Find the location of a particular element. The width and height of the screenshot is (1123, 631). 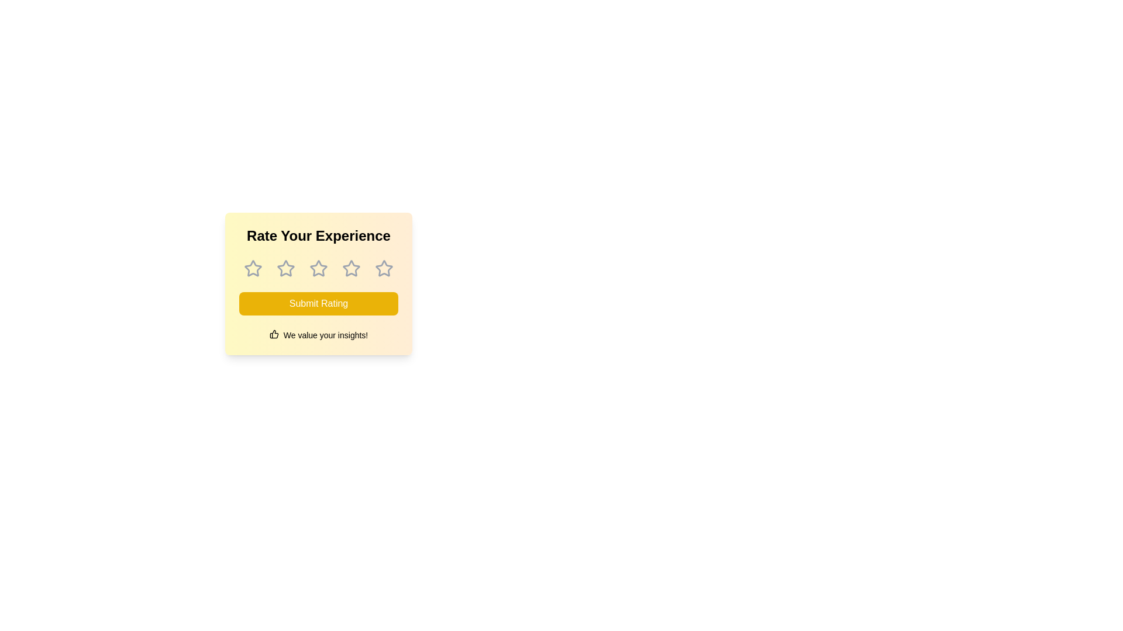

the third star in the row of five interactive star icons, located below 'Rate Your Experience' and above the 'Submit Rating' button is located at coordinates (319, 268).